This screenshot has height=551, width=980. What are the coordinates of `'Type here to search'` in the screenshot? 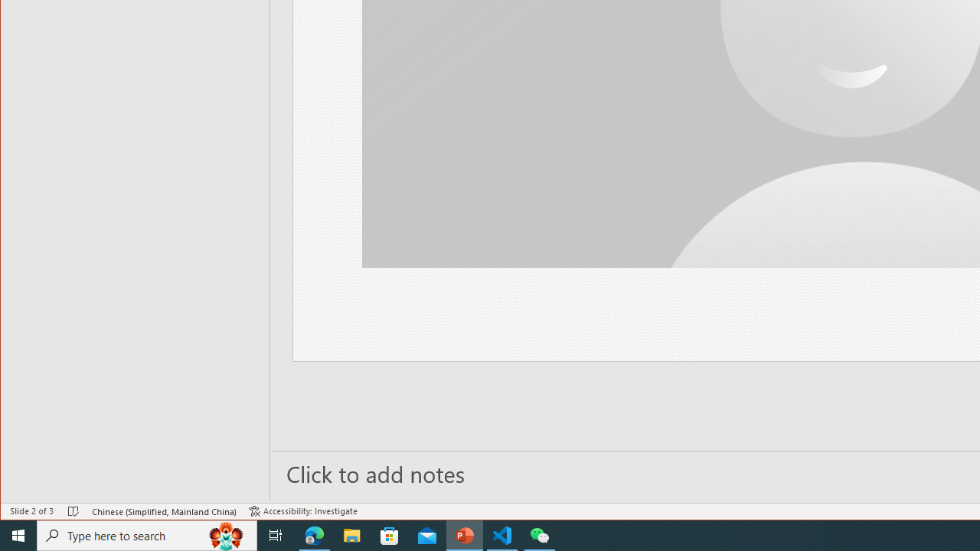 It's located at (147, 534).